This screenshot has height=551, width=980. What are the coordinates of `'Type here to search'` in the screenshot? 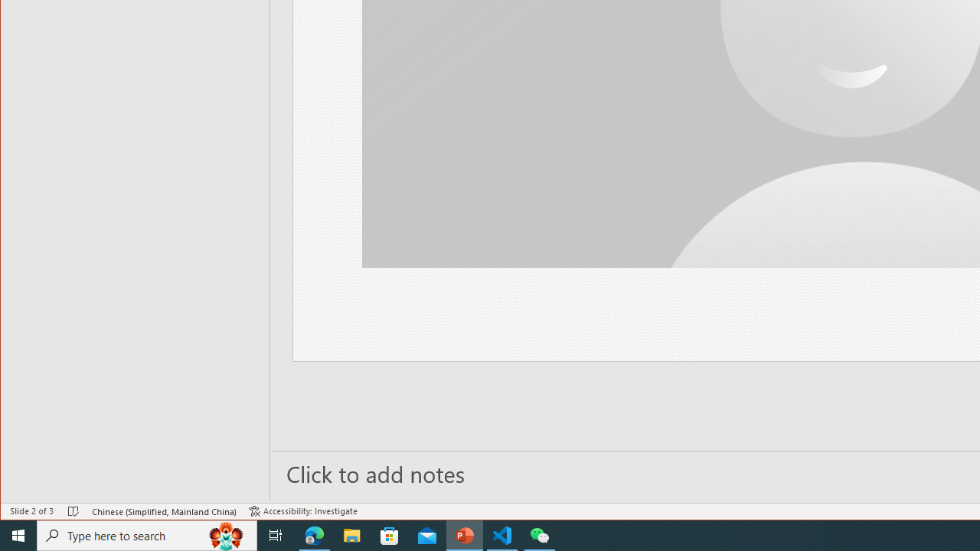 It's located at (147, 534).